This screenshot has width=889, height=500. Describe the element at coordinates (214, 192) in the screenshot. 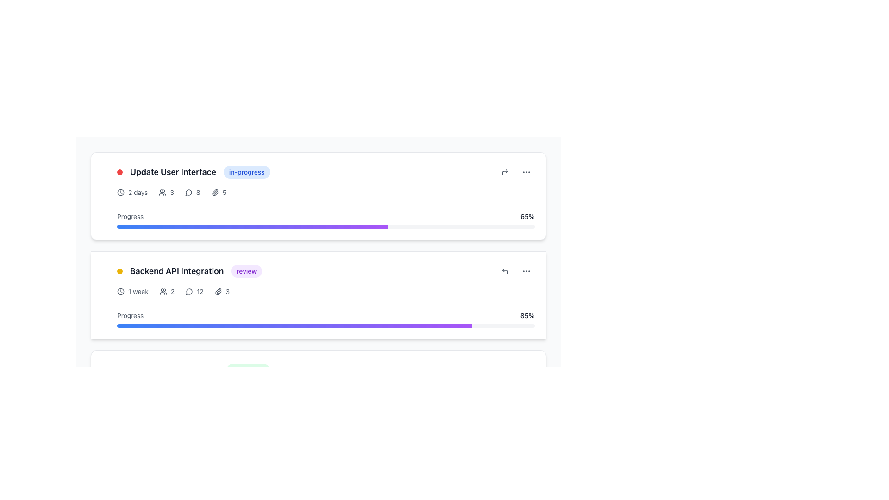

I see `the paperclip icon located in the metadata section of the 'Update User Interface' card` at that location.